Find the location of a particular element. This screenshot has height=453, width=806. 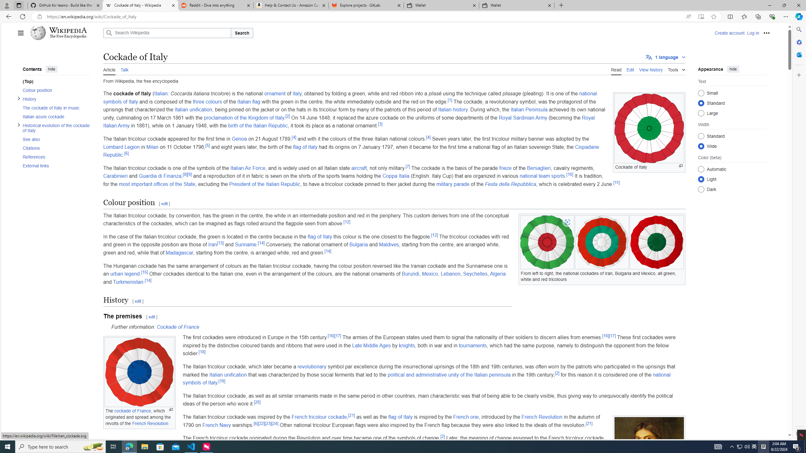

'tournaments' is located at coordinates (472, 345).